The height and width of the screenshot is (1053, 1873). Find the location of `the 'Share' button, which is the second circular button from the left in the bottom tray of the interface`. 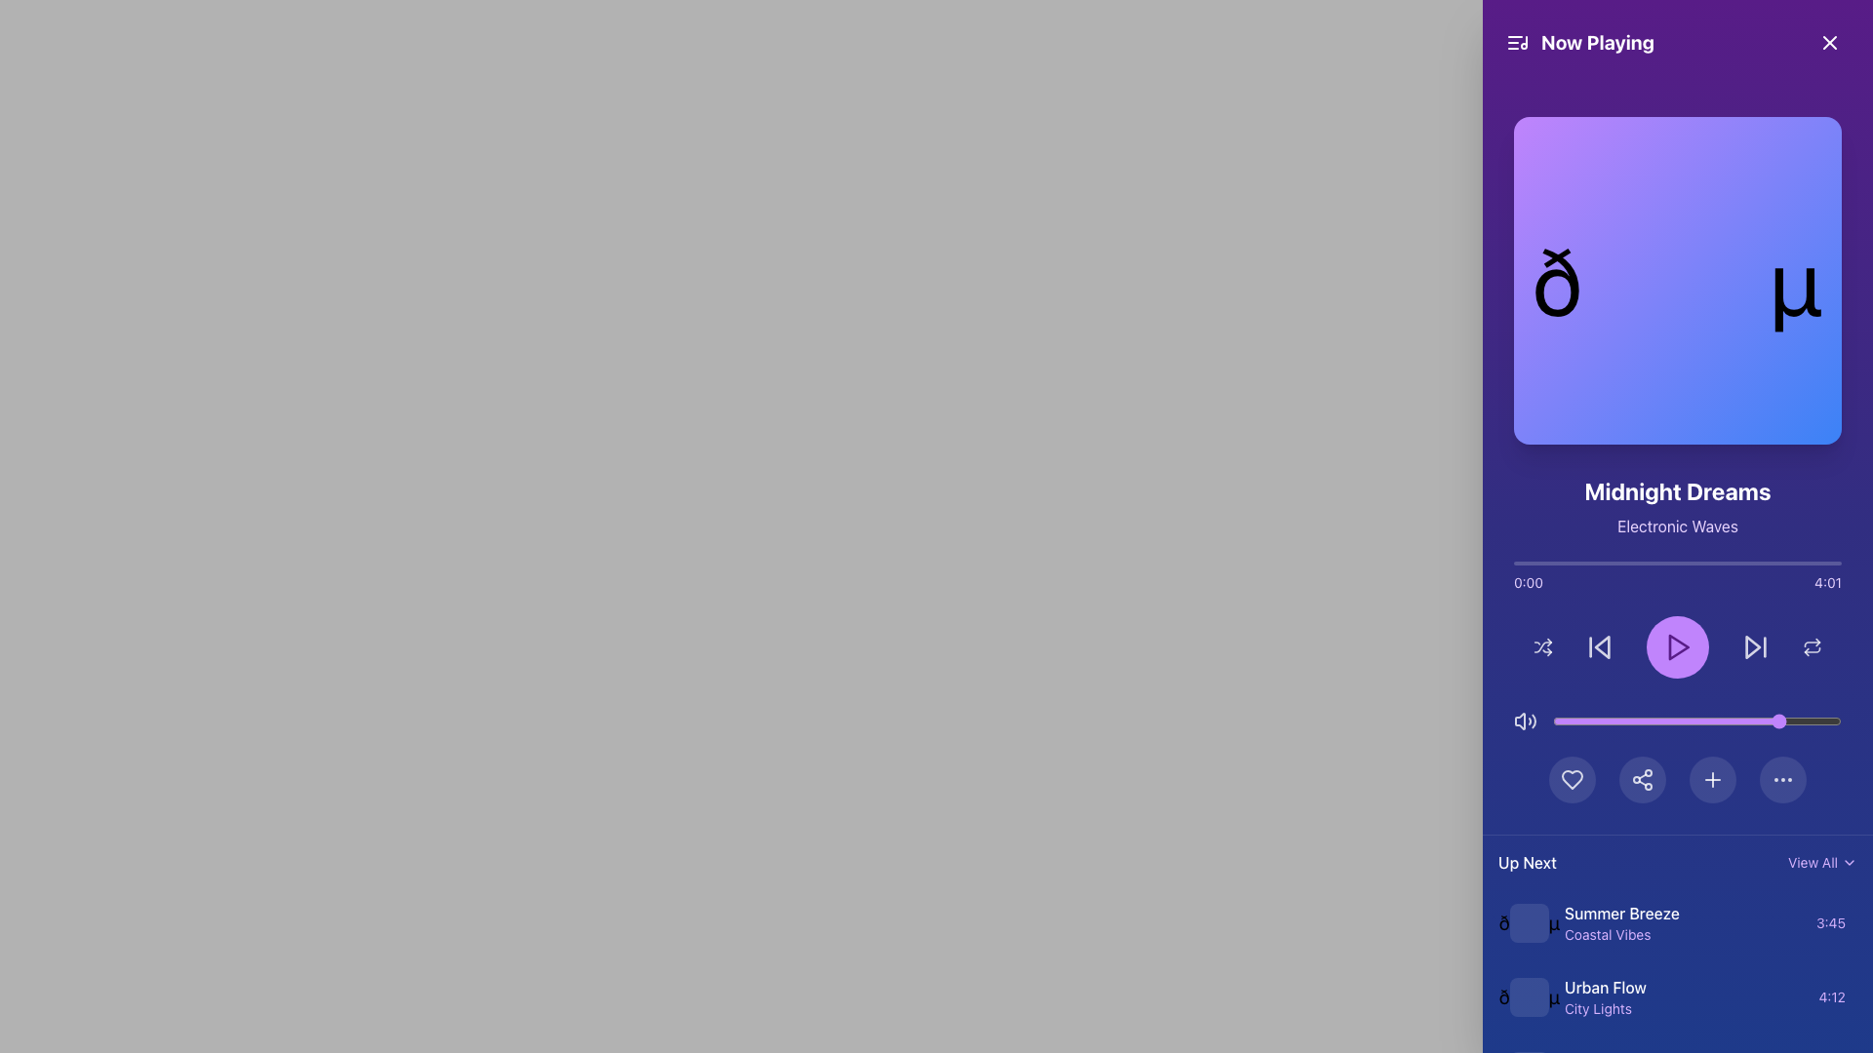

the 'Share' button, which is the second circular button from the left in the bottom tray of the interface is located at coordinates (1642, 778).